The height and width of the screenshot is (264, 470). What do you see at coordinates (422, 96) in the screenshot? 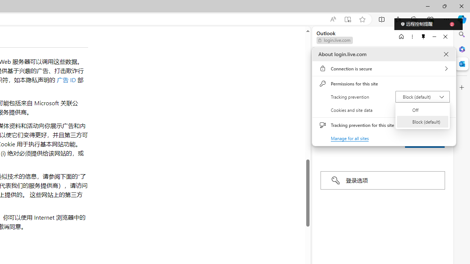
I see `'Tracking prevention Block (default)'` at bounding box center [422, 96].